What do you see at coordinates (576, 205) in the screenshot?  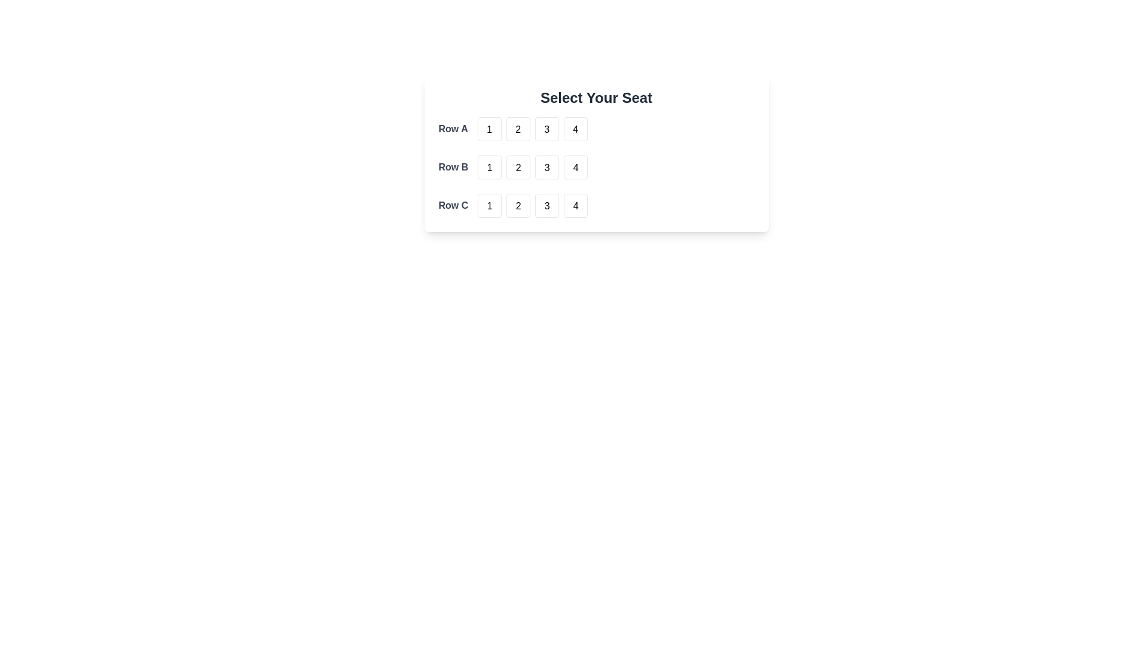 I see `the fourth button in 'Row C'` at bounding box center [576, 205].